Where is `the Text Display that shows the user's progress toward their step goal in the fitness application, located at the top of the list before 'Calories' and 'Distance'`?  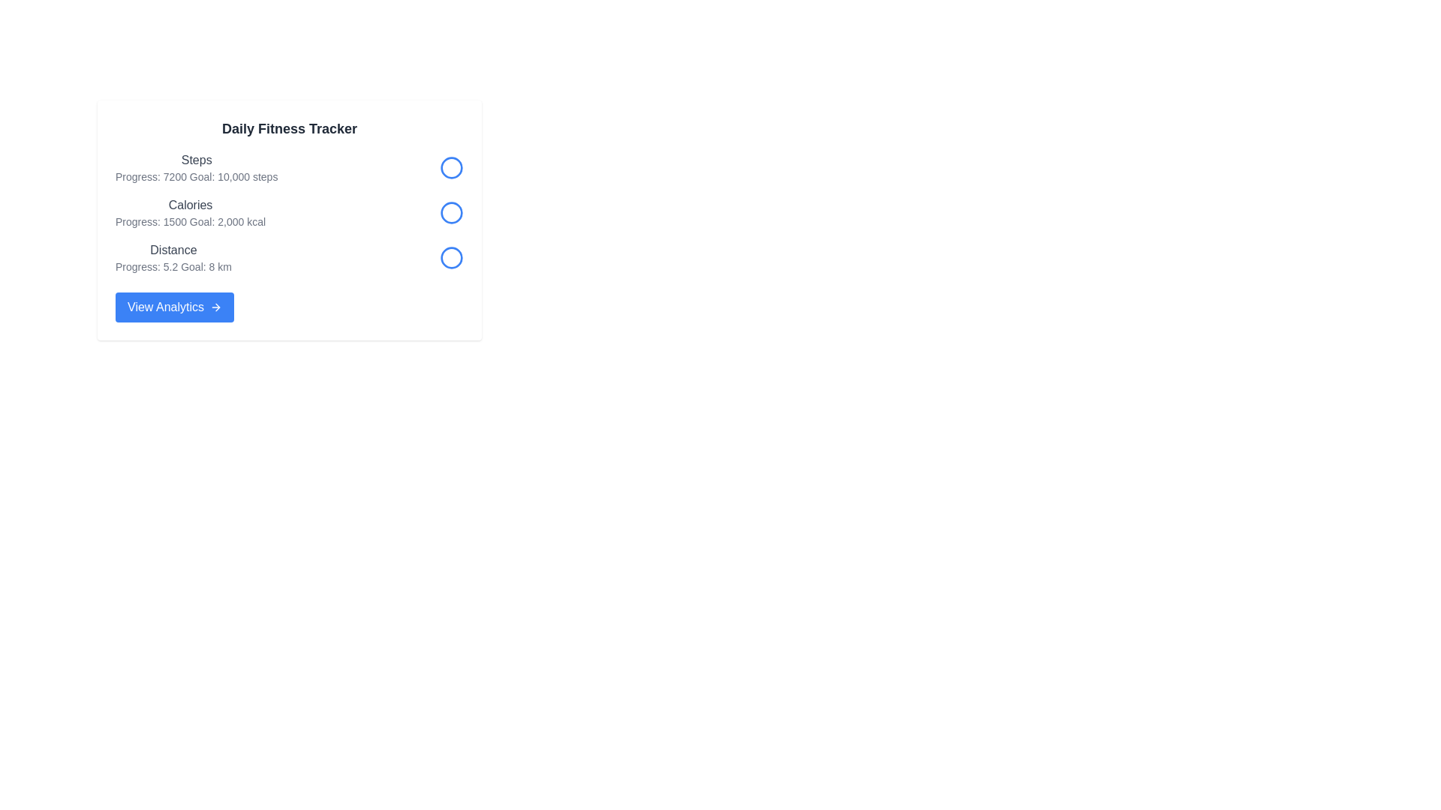 the Text Display that shows the user's progress toward their step goal in the fitness application, located at the top of the list before 'Calories' and 'Distance' is located at coordinates (196, 167).